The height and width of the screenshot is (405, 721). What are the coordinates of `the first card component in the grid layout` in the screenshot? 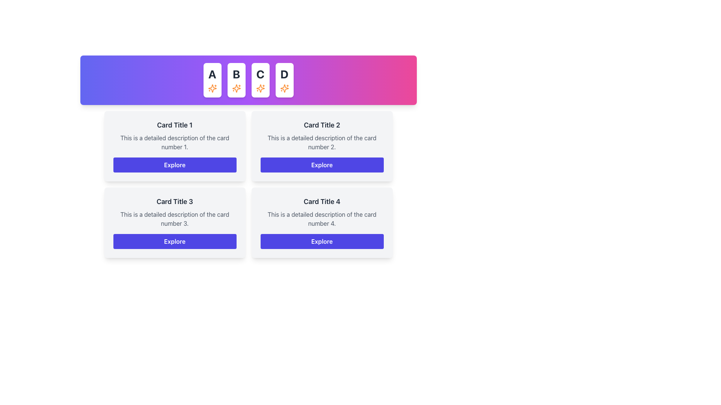 It's located at (174, 146).